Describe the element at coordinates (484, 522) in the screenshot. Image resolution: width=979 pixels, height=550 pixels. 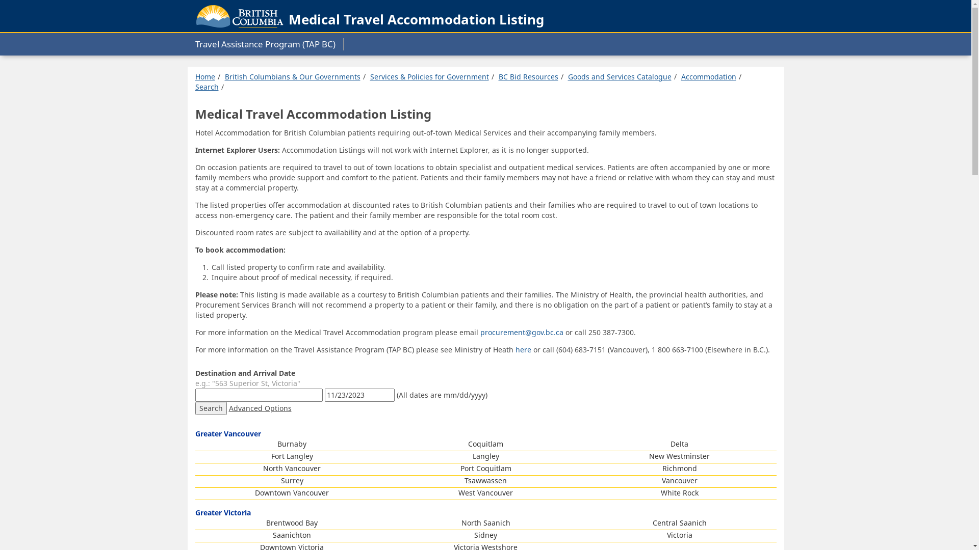
I see `'North Saanich'` at that location.